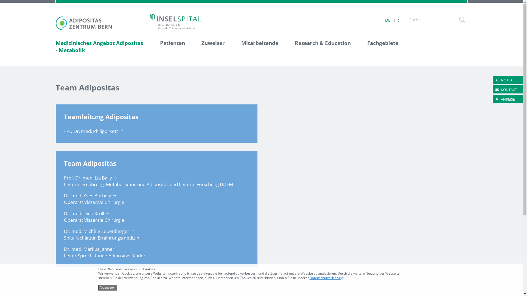 The width and height of the screenshot is (527, 296). Describe the element at coordinates (103, 47) in the screenshot. I see `'Medizinisches Angebot Adipositas - Metabolik'` at that location.